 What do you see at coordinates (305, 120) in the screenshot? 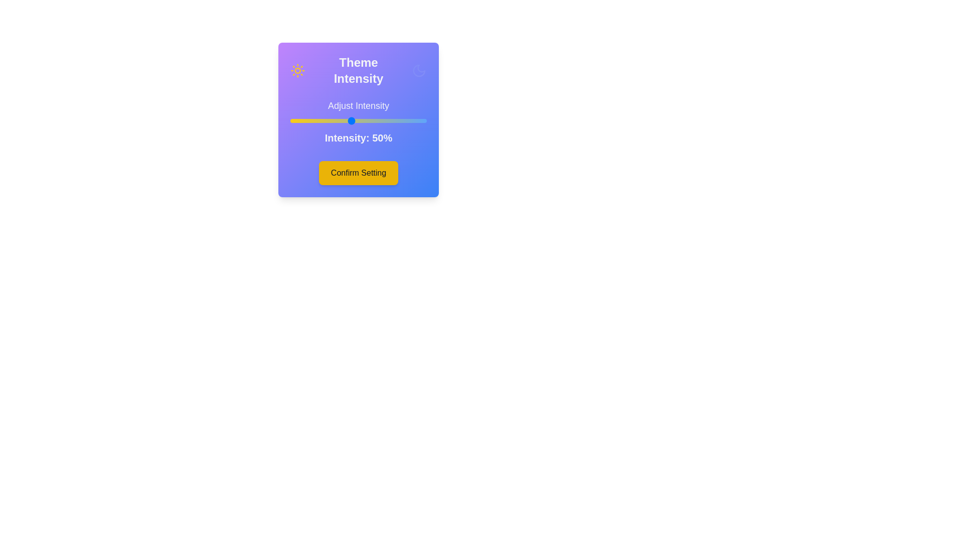
I see `the intensity slider to 20%` at bounding box center [305, 120].